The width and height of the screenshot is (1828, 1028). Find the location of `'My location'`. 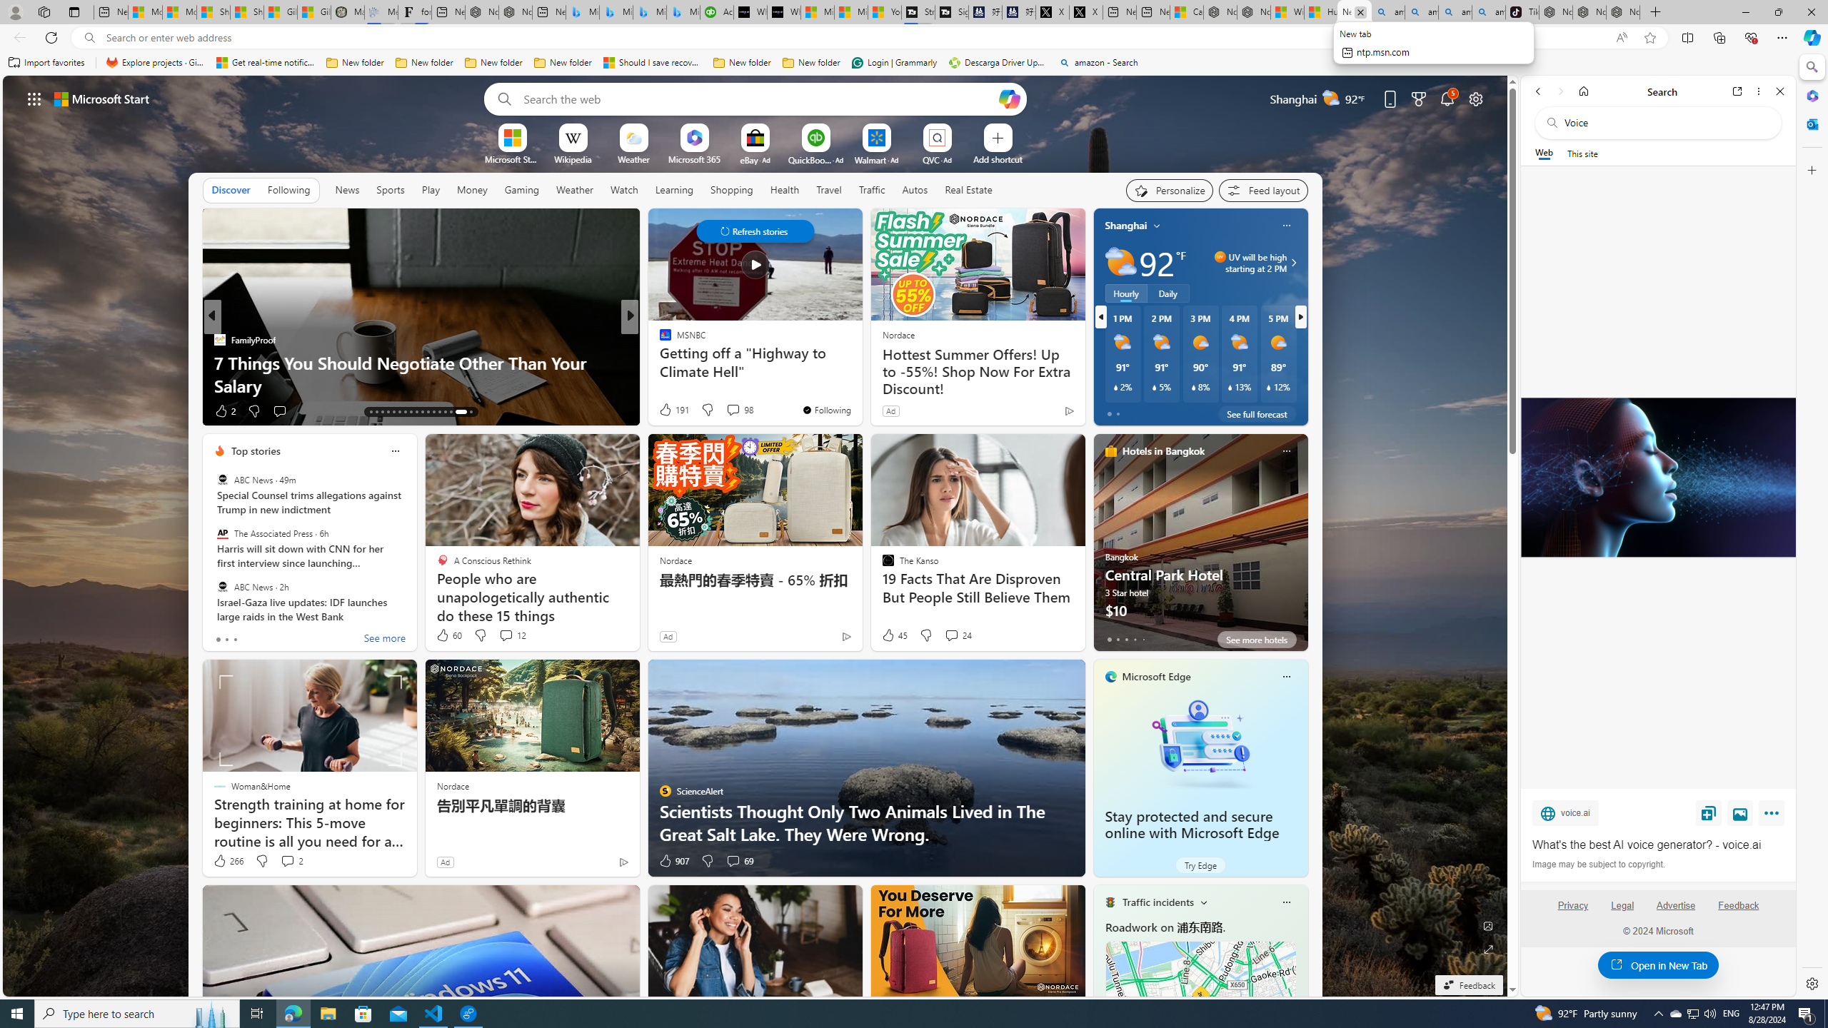

'My location' is located at coordinates (1156, 225).